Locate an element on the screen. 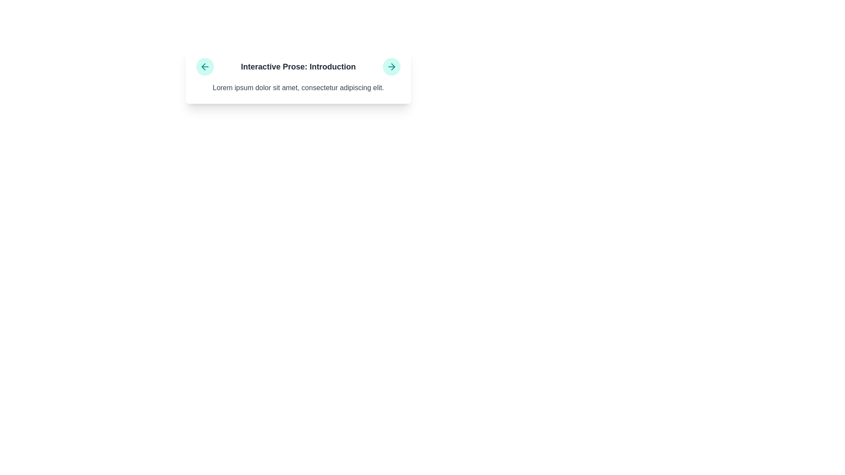 The image size is (845, 475). the downward-pointing triangular arrow in the teal circular icon on the left side of the header labeled 'Interactive Prose: Introduction' is located at coordinates (203, 66).